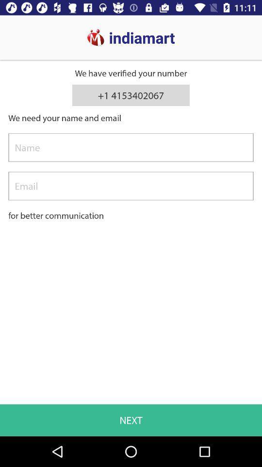 The width and height of the screenshot is (262, 467). What do you see at coordinates (131, 185) in the screenshot?
I see `email address` at bounding box center [131, 185].